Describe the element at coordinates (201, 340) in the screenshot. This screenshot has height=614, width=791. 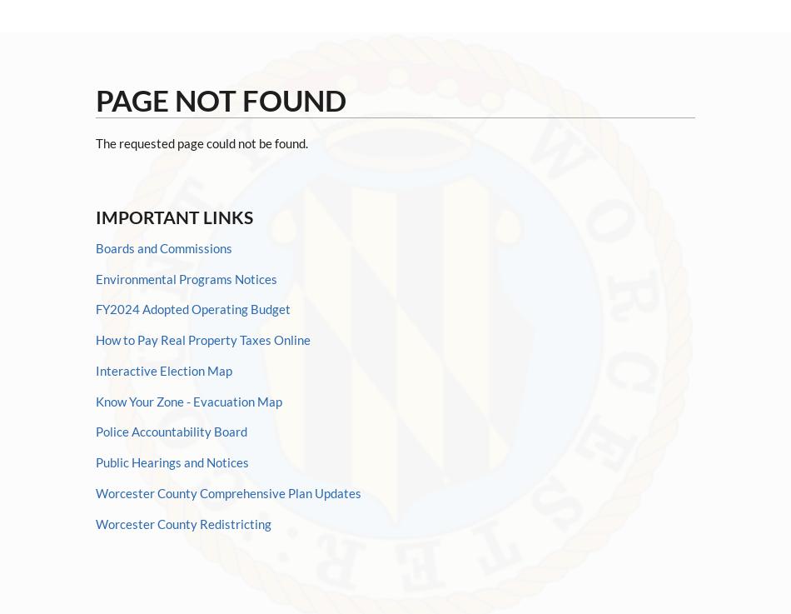
I see `'How to Pay Real Property Taxes Online'` at that location.